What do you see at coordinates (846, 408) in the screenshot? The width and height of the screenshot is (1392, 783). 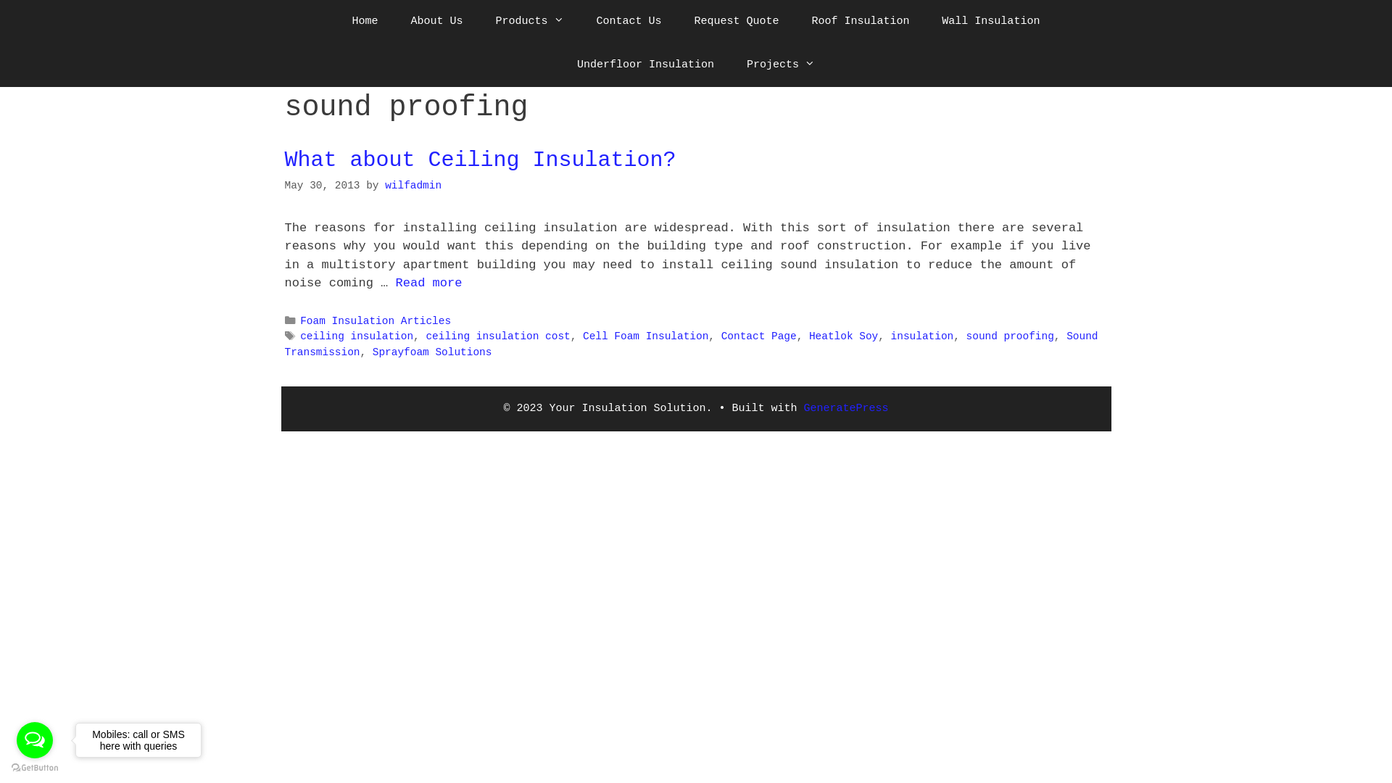 I see `'GeneratePress'` at bounding box center [846, 408].